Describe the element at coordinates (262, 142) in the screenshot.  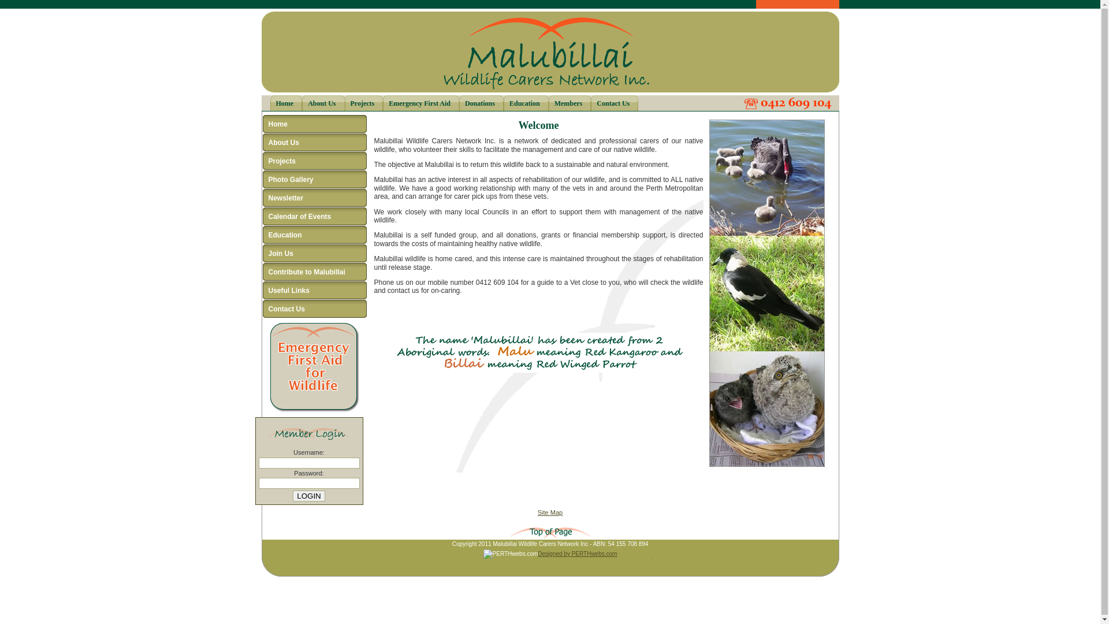
I see `'About Us'` at that location.